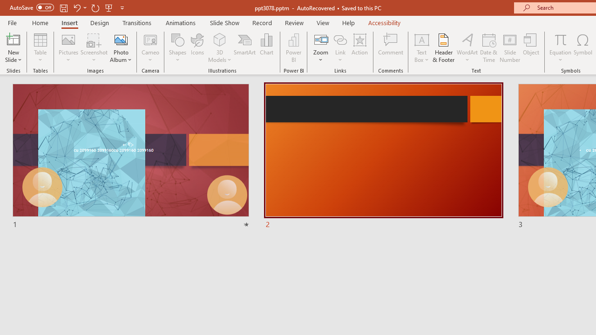 This screenshot has height=335, width=596. What do you see at coordinates (509, 48) in the screenshot?
I see `'Slide Number'` at bounding box center [509, 48].